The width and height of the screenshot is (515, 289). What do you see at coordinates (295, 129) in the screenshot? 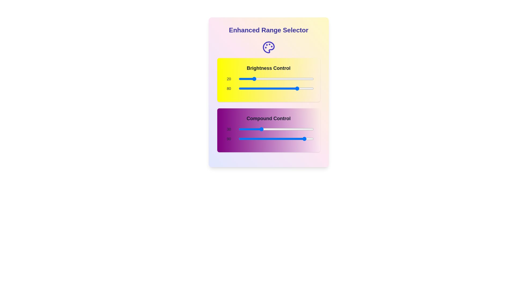
I see `the 'Compound Control' slider to 76 by dragging it to the corresponding position` at bounding box center [295, 129].